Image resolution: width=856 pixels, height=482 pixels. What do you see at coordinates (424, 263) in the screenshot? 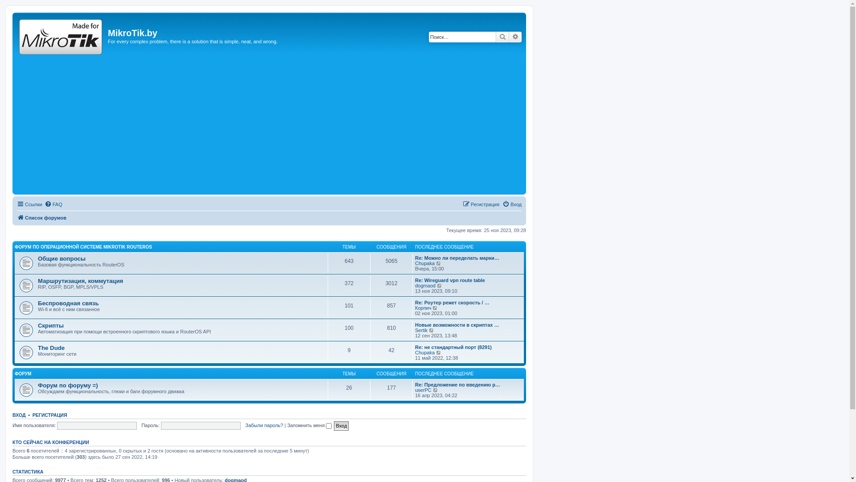
I see `'Chupaka'` at bounding box center [424, 263].